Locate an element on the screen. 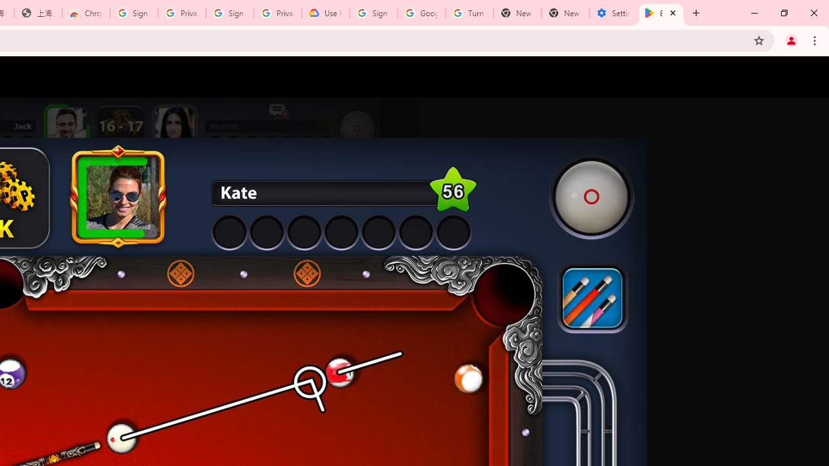 This screenshot has width=829, height=466. 'Chrome Web Store - Color themes by Chrome' is located at coordinates (85, 13).